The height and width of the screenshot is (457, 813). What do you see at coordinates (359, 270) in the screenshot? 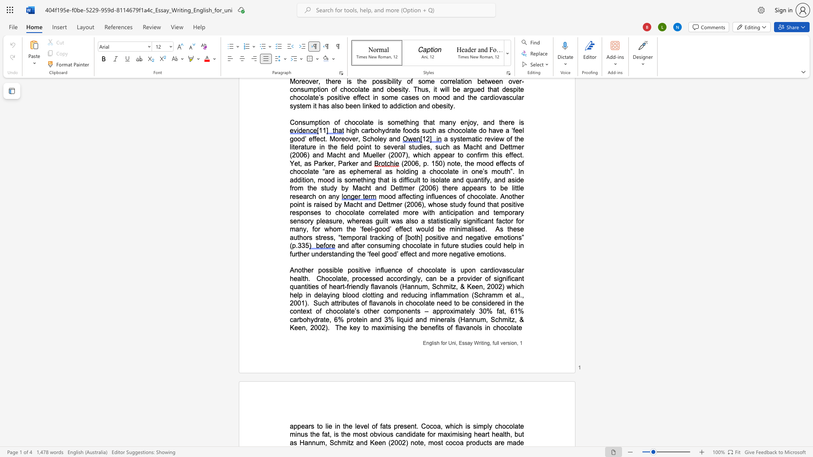
I see `the 2th character "i" in the text` at bounding box center [359, 270].